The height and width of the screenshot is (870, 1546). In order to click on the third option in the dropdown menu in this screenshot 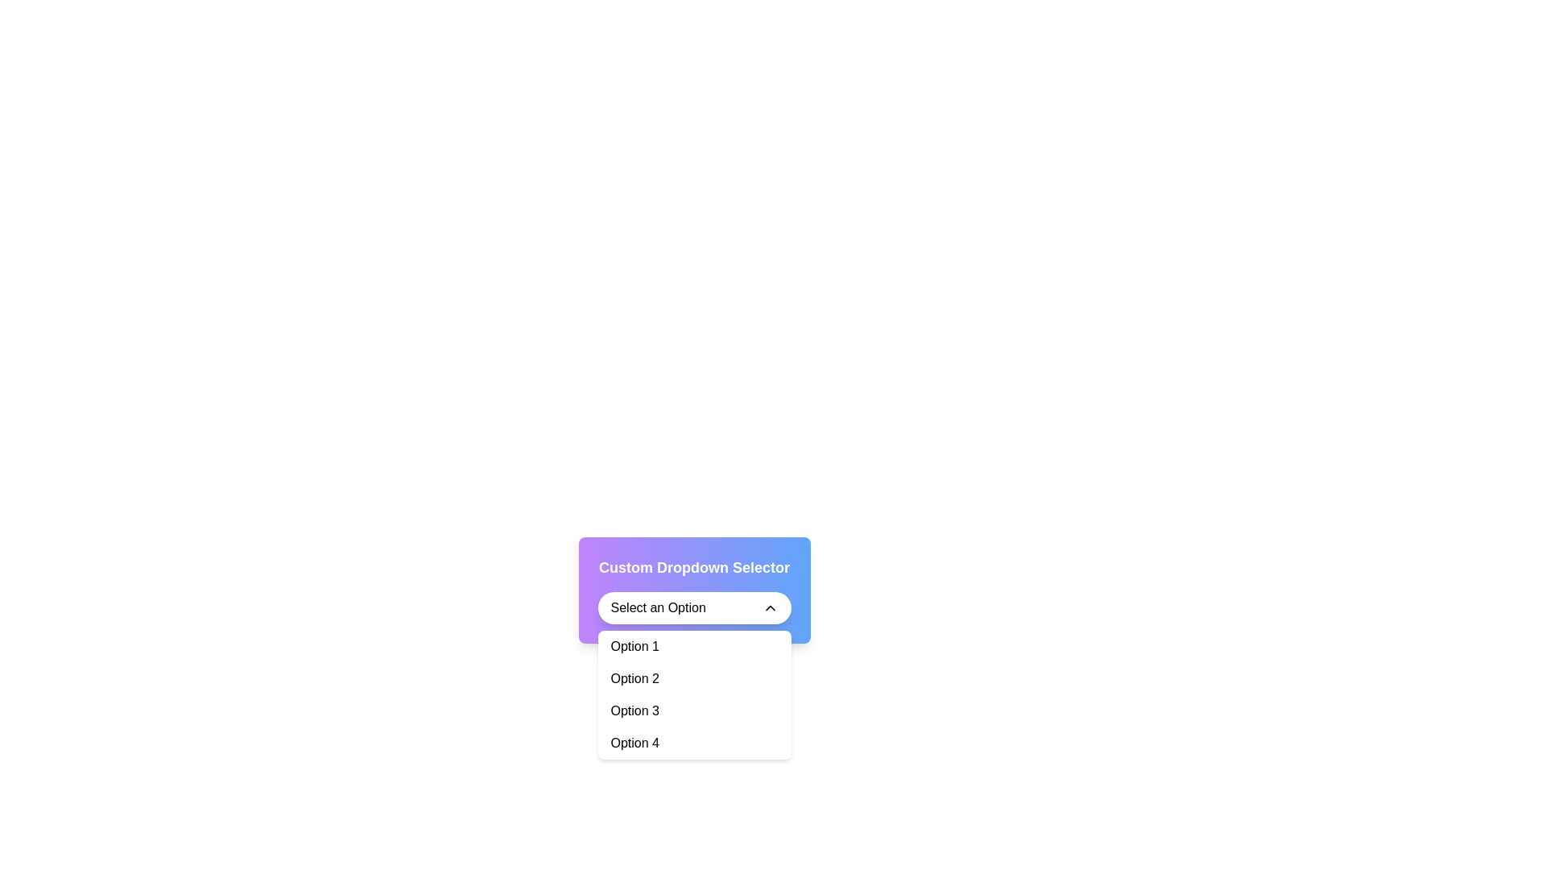, I will do `click(694, 710)`.